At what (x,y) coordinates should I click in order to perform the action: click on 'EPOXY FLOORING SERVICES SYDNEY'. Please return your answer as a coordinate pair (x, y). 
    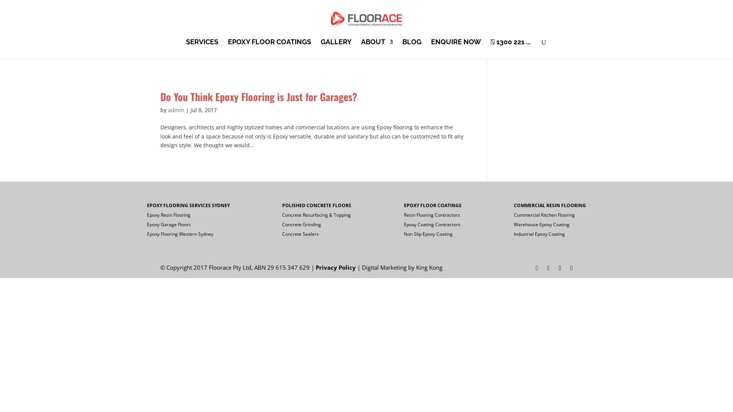
    Looking at the image, I should click on (188, 205).